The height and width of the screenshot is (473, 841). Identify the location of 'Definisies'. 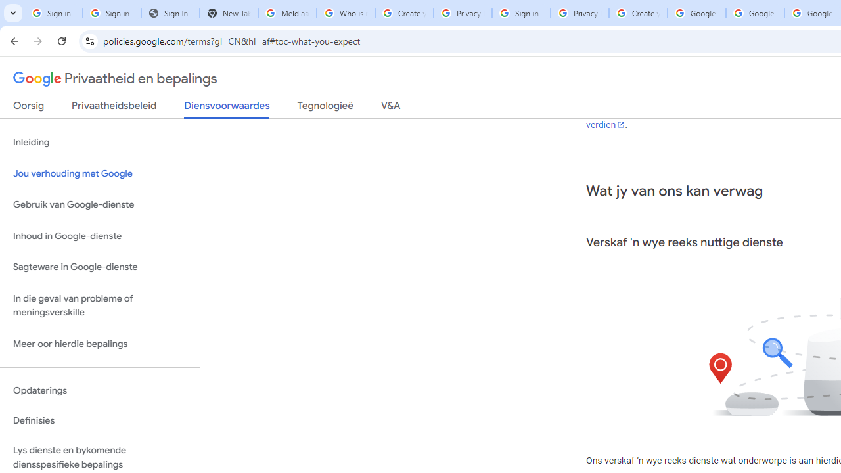
(99, 420).